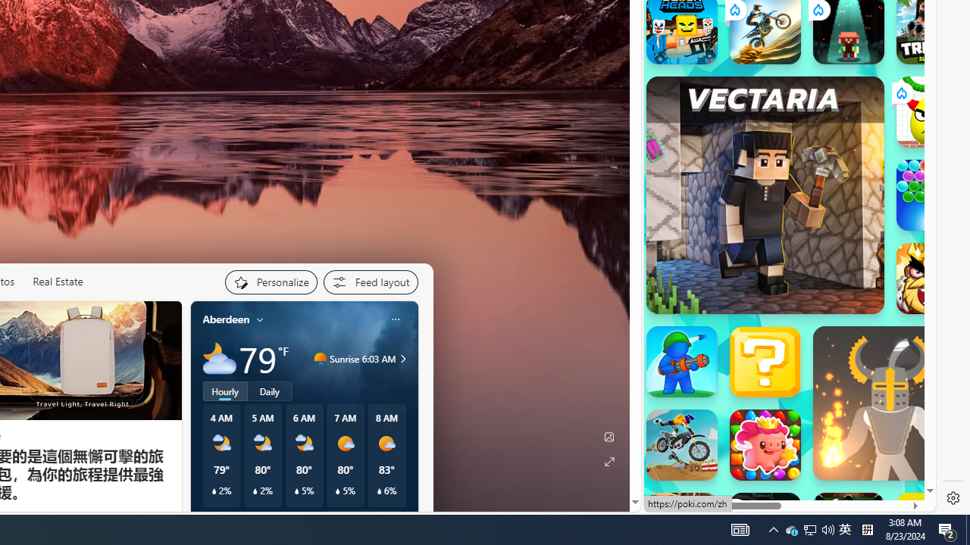 Image resolution: width=970 pixels, height=545 pixels. Describe the element at coordinates (931, 195) in the screenshot. I see `'Bubble Shooter'` at that location.